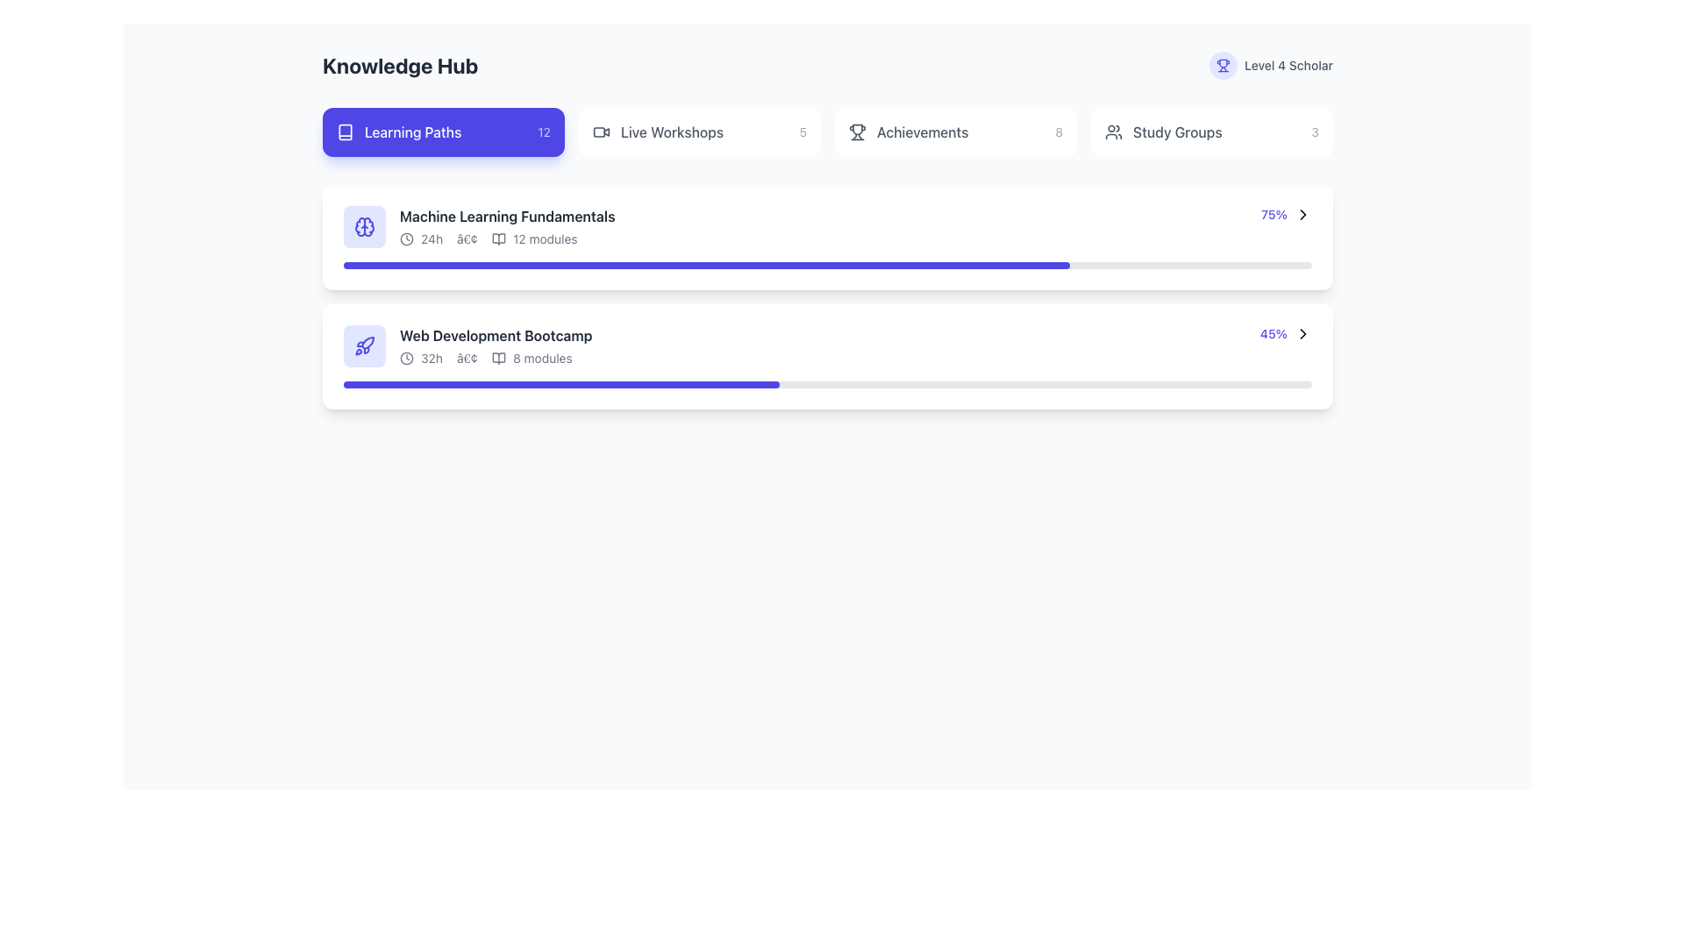  I want to click on the 'Learning Paths' icon within the navigation menu, which is part of the interactive button that navigates to the Learning Paths page, so click(345, 131).